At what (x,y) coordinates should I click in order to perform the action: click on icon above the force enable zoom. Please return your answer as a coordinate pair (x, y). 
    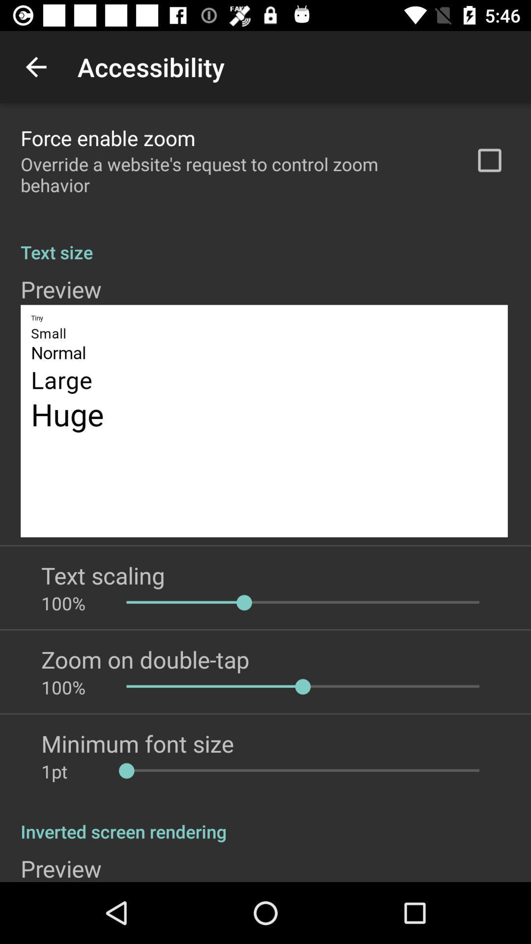
    Looking at the image, I should click on (35, 66).